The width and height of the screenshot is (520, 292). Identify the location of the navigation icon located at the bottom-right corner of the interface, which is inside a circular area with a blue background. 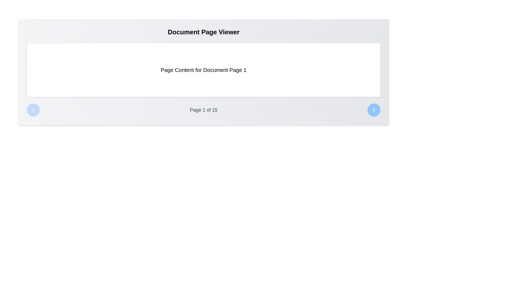
(374, 110).